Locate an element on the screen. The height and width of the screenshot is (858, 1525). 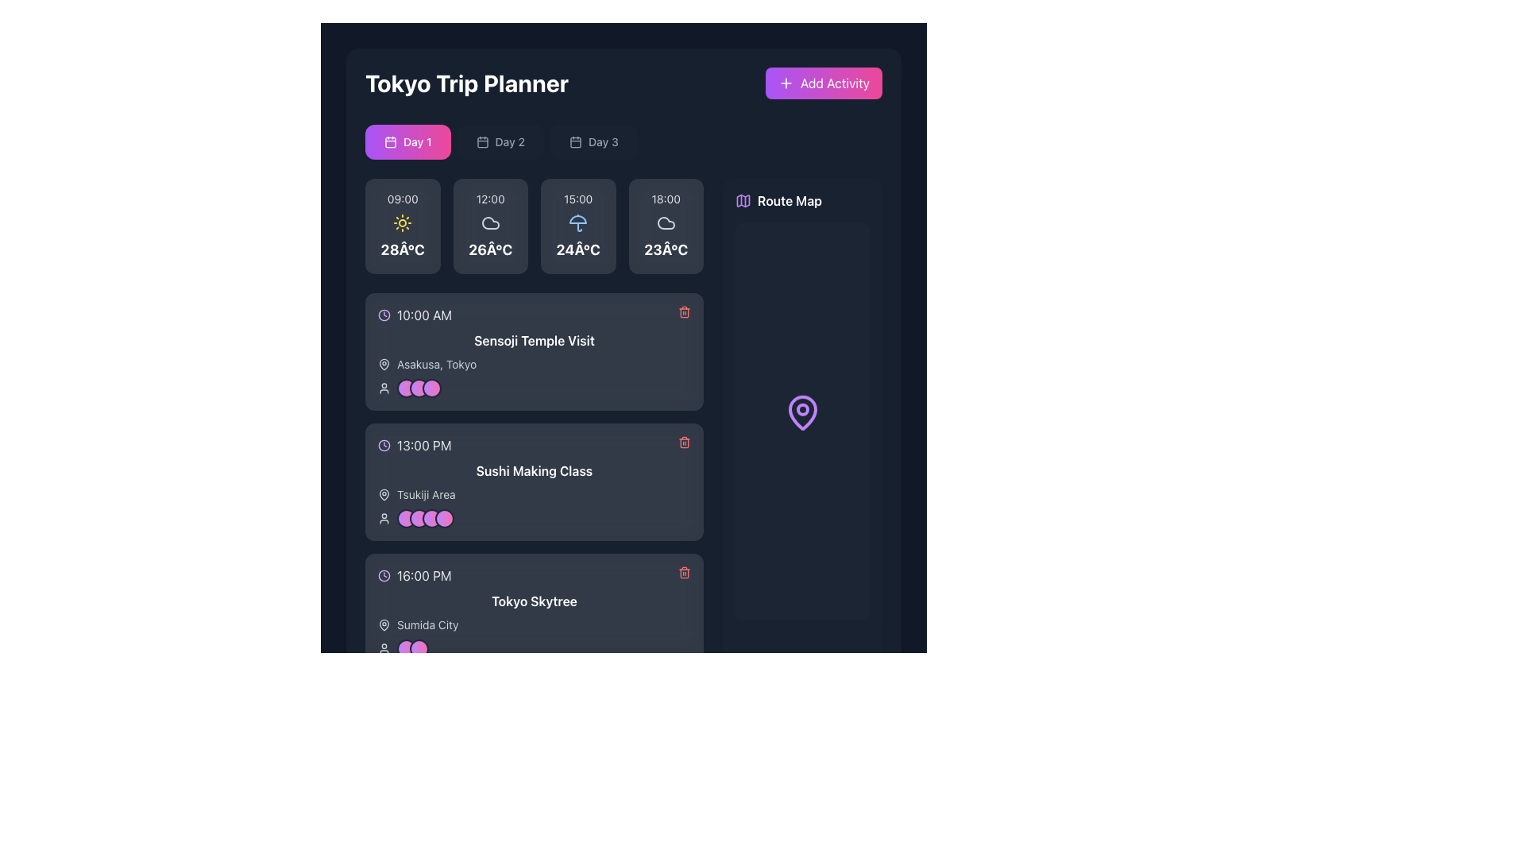
the button used to initiate adding a new activity to the trip planner, located at the top-right corner adjacent to 'Tokyo Trip Planner' is located at coordinates (824, 83).